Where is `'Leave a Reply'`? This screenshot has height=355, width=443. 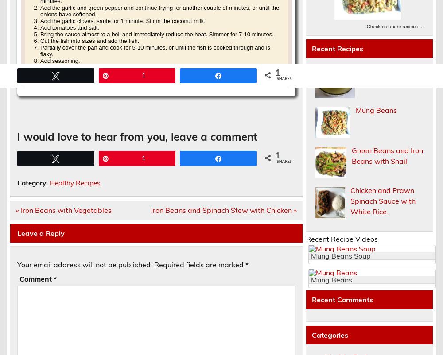
'Leave a Reply' is located at coordinates (40, 232).